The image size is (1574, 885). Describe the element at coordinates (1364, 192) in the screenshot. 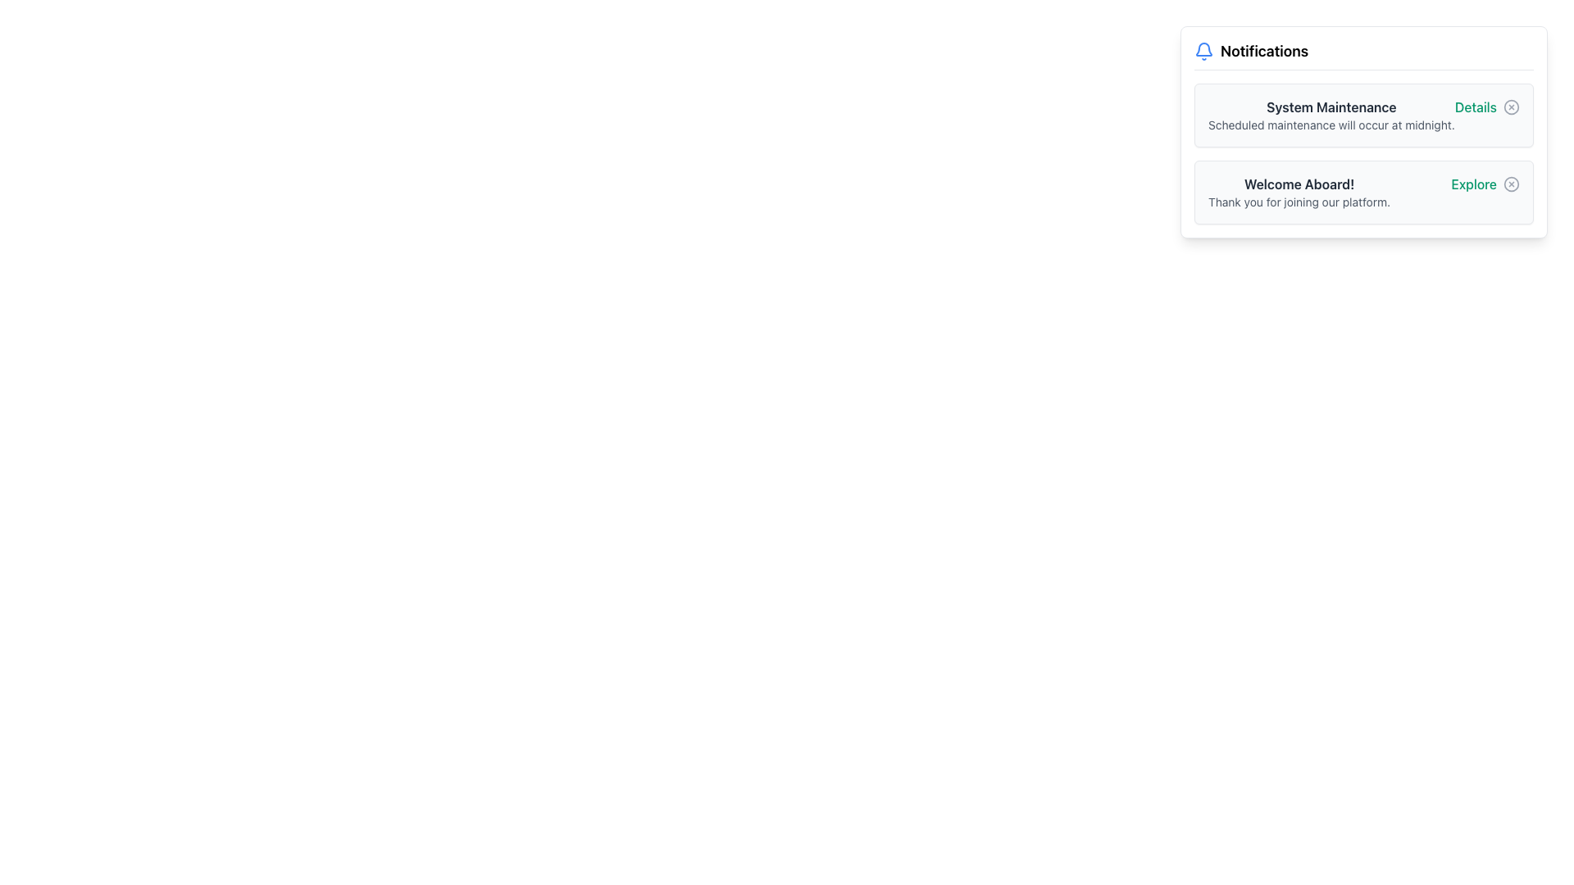

I see `the 'Explore' link adjacent to the welcome message in the notification card positioned beneath 'System Maintenance'` at that location.